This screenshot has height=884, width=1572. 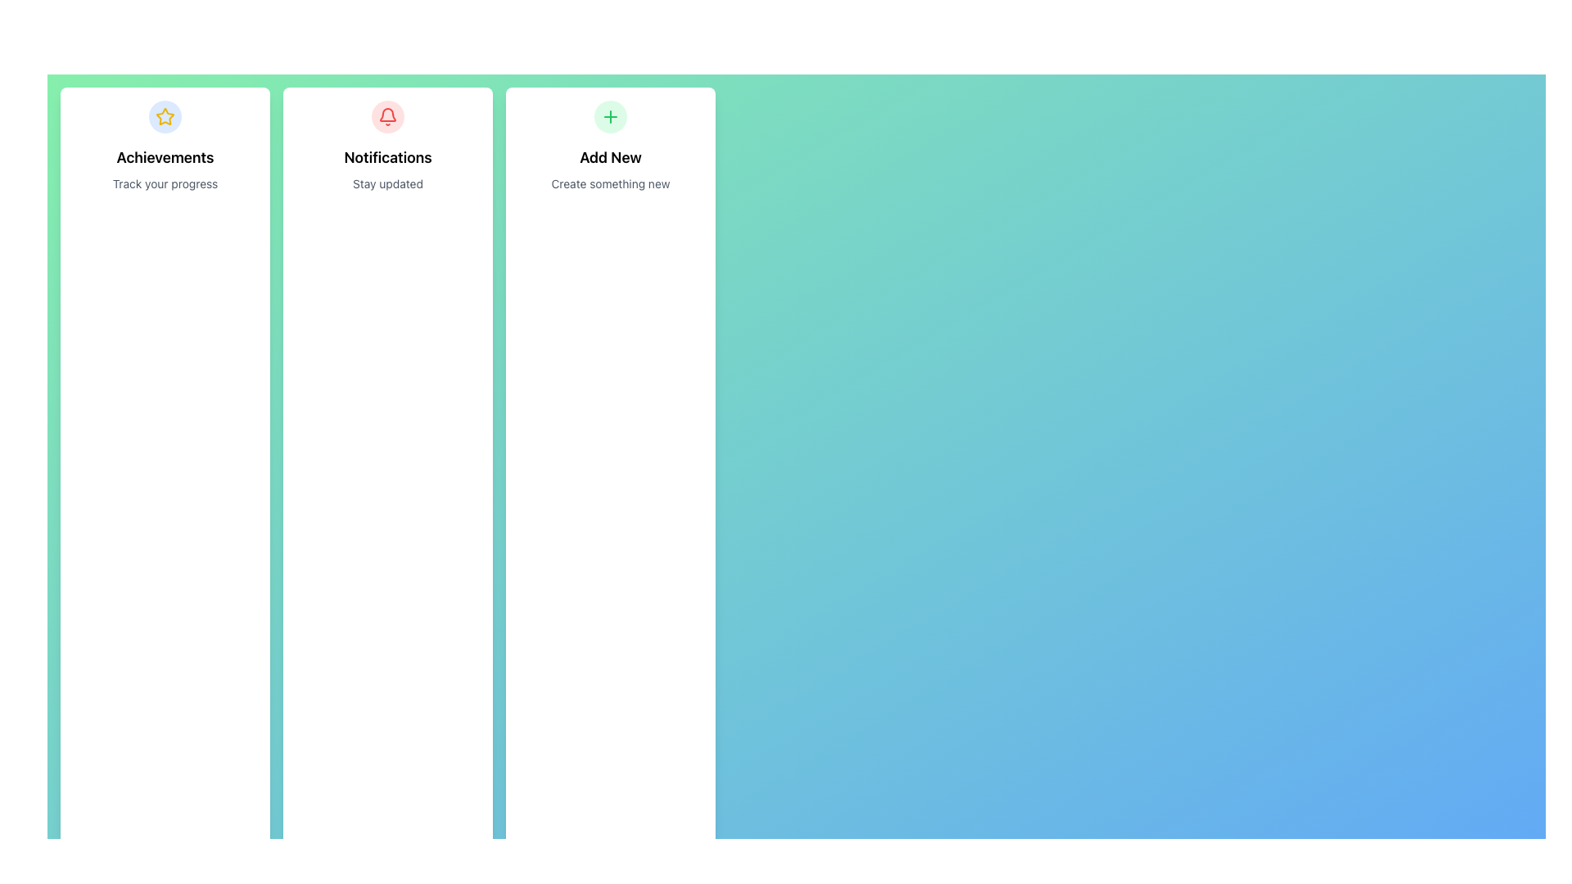 I want to click on the circular red bell icon for notifications, which is, so click(x=387, y=115).